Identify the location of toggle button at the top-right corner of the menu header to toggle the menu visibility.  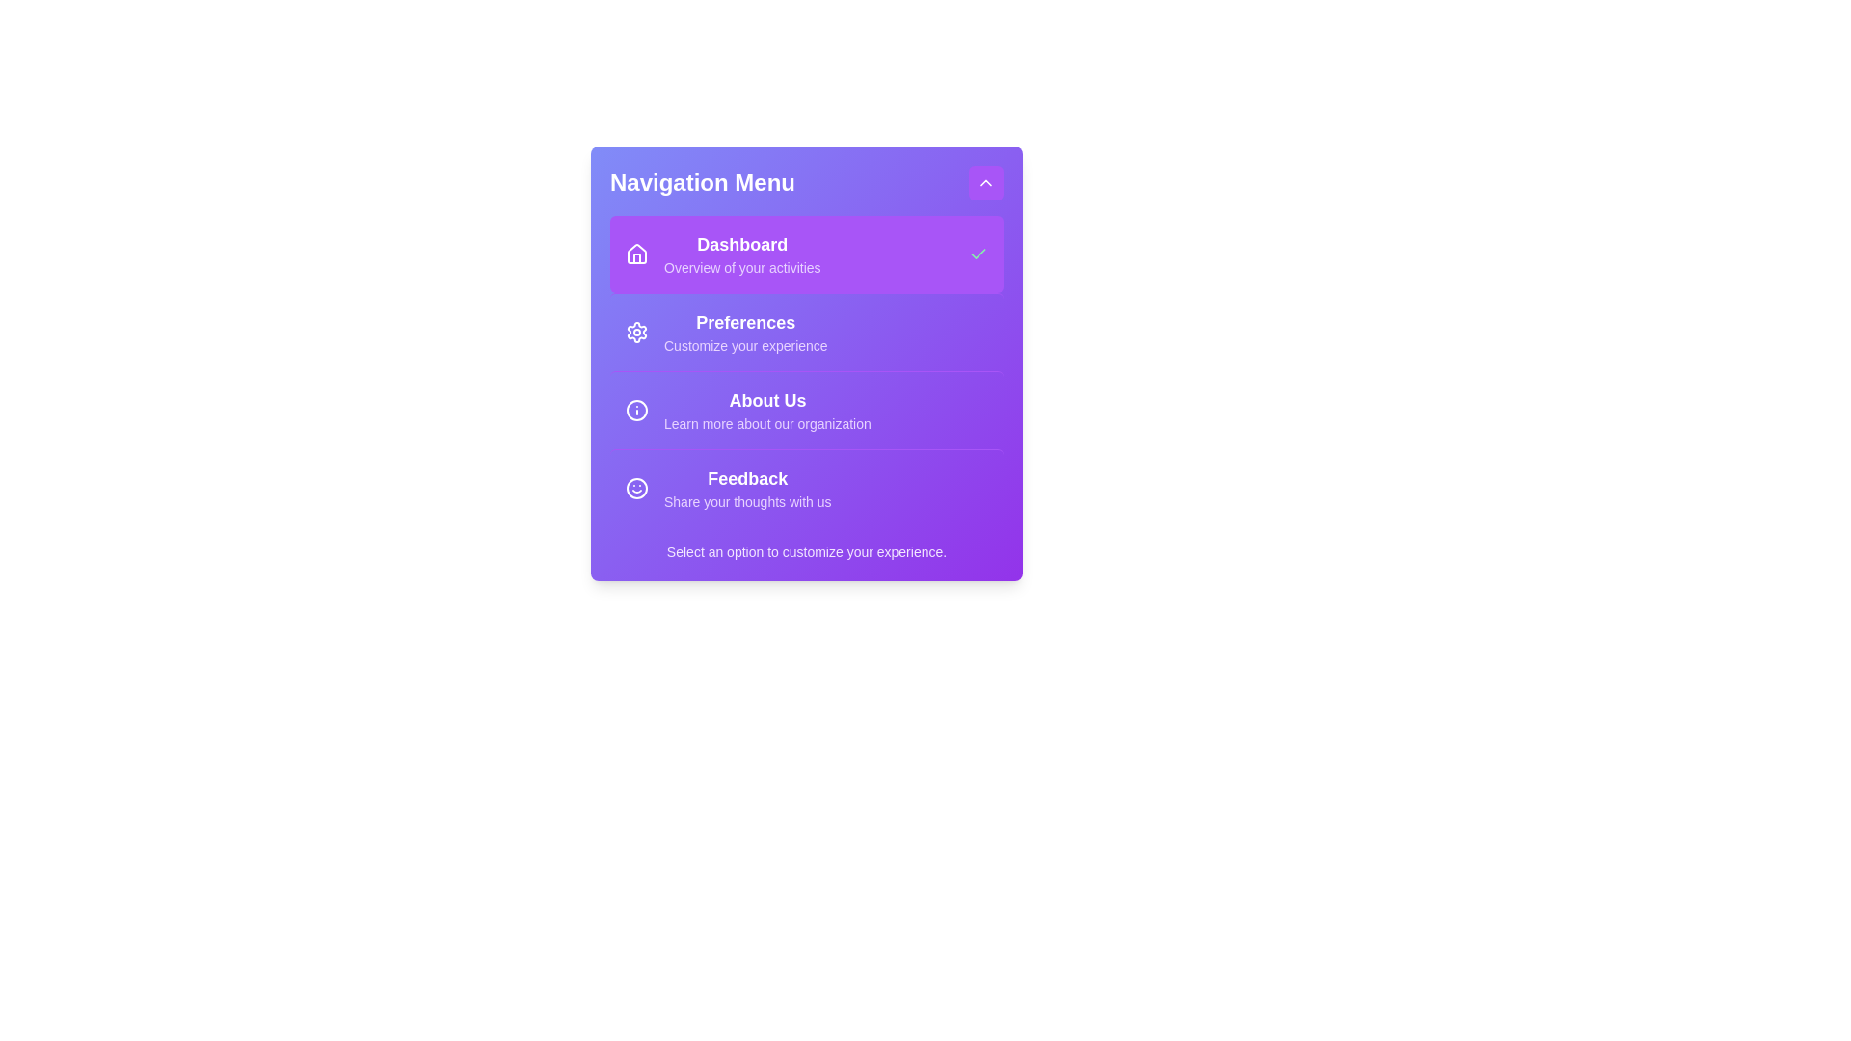
(985, 182).